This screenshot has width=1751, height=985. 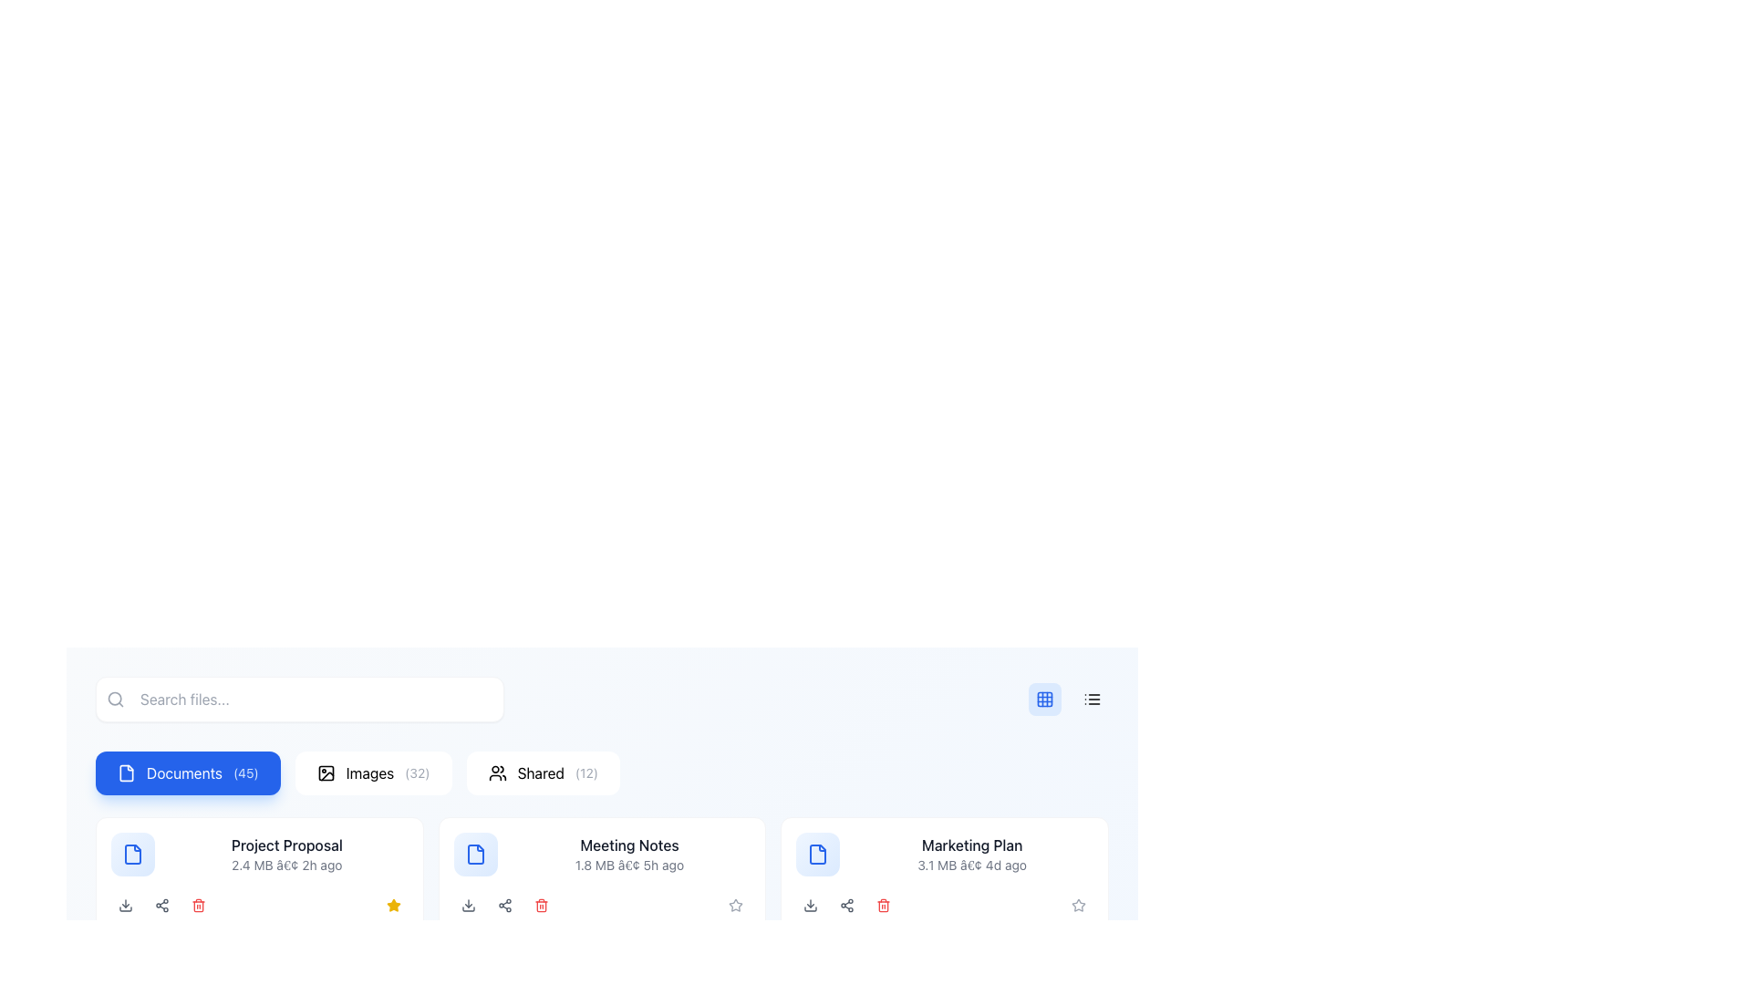 What do you see at coordinates (1093, 699) in the screenshot?
I see `the 'list view' button icon located in the upper-right corner of the interface` at bounding box center [1093, 699].